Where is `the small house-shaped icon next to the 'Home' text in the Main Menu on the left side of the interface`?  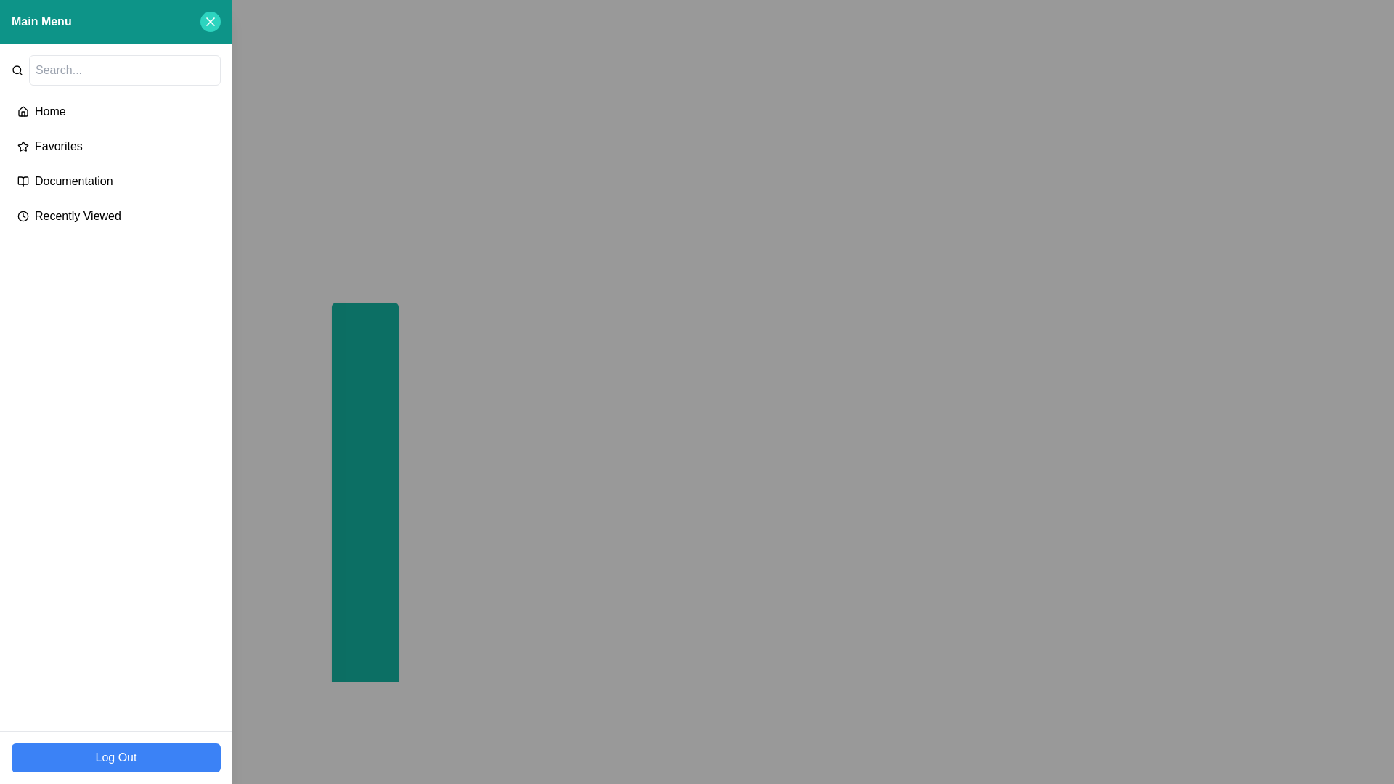 the small house-shaped icon next to the 'Home' text in the Main Menu on the left side of the interface is located at coordinates (23, 111).